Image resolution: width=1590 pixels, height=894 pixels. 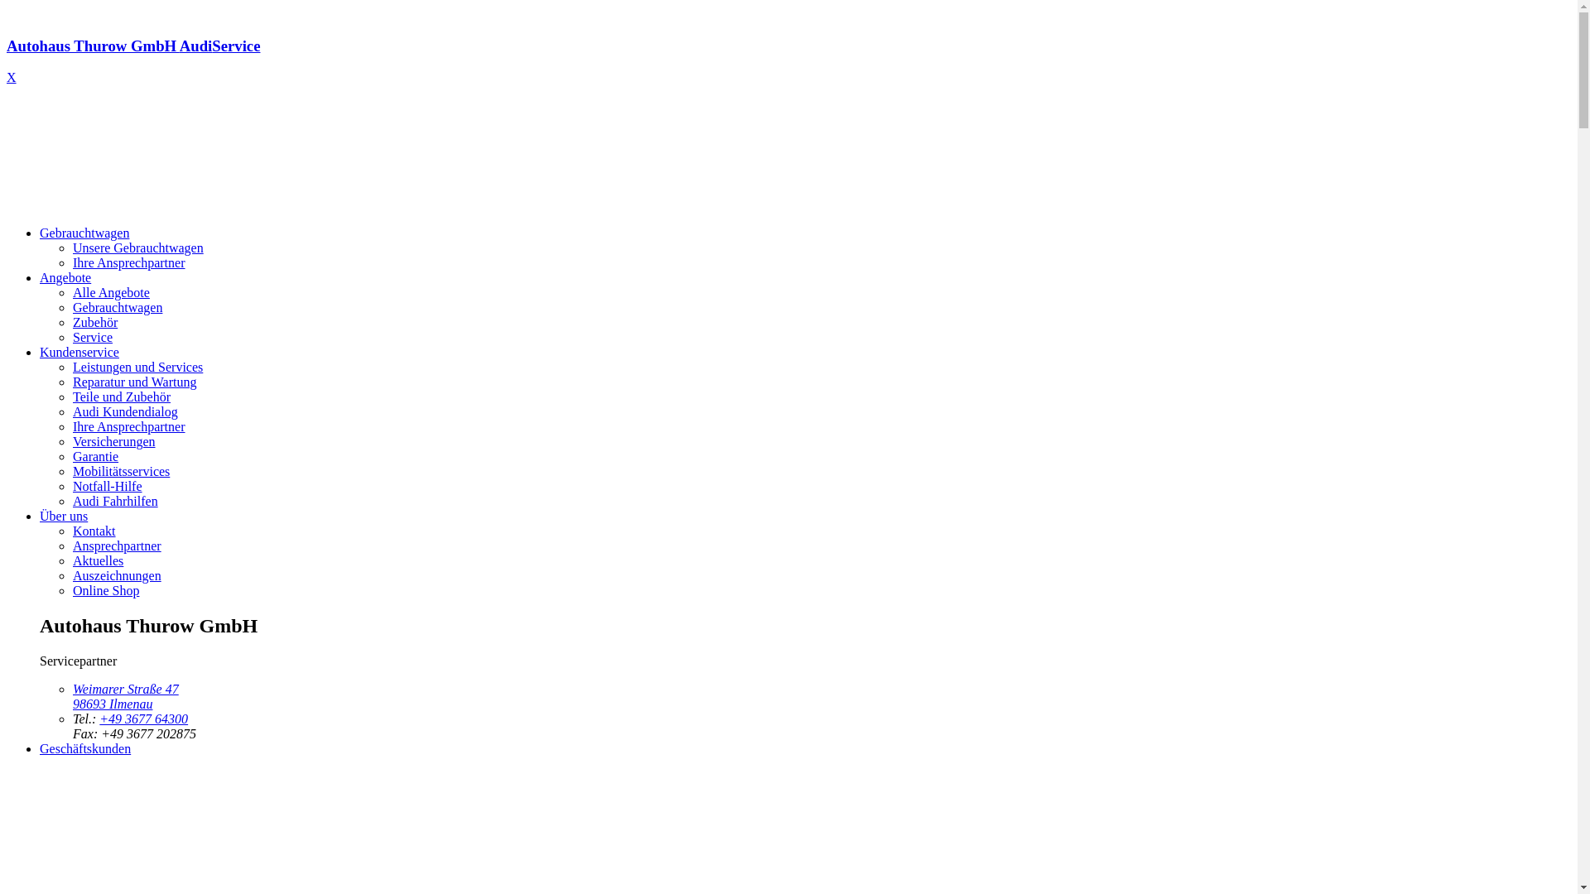 I want to click on 'Unsere Gebrauchtwagen', so click(x=71, y=248).